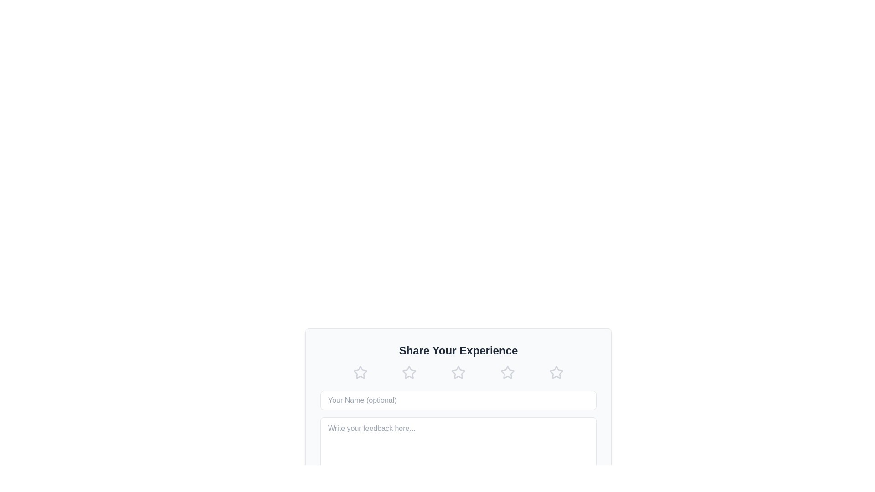 The image size is (875, 492). I want to click on the third star-shaped icon from the left in the row of five stars, which is located below 'Share Your Experience', so click(409, 372).